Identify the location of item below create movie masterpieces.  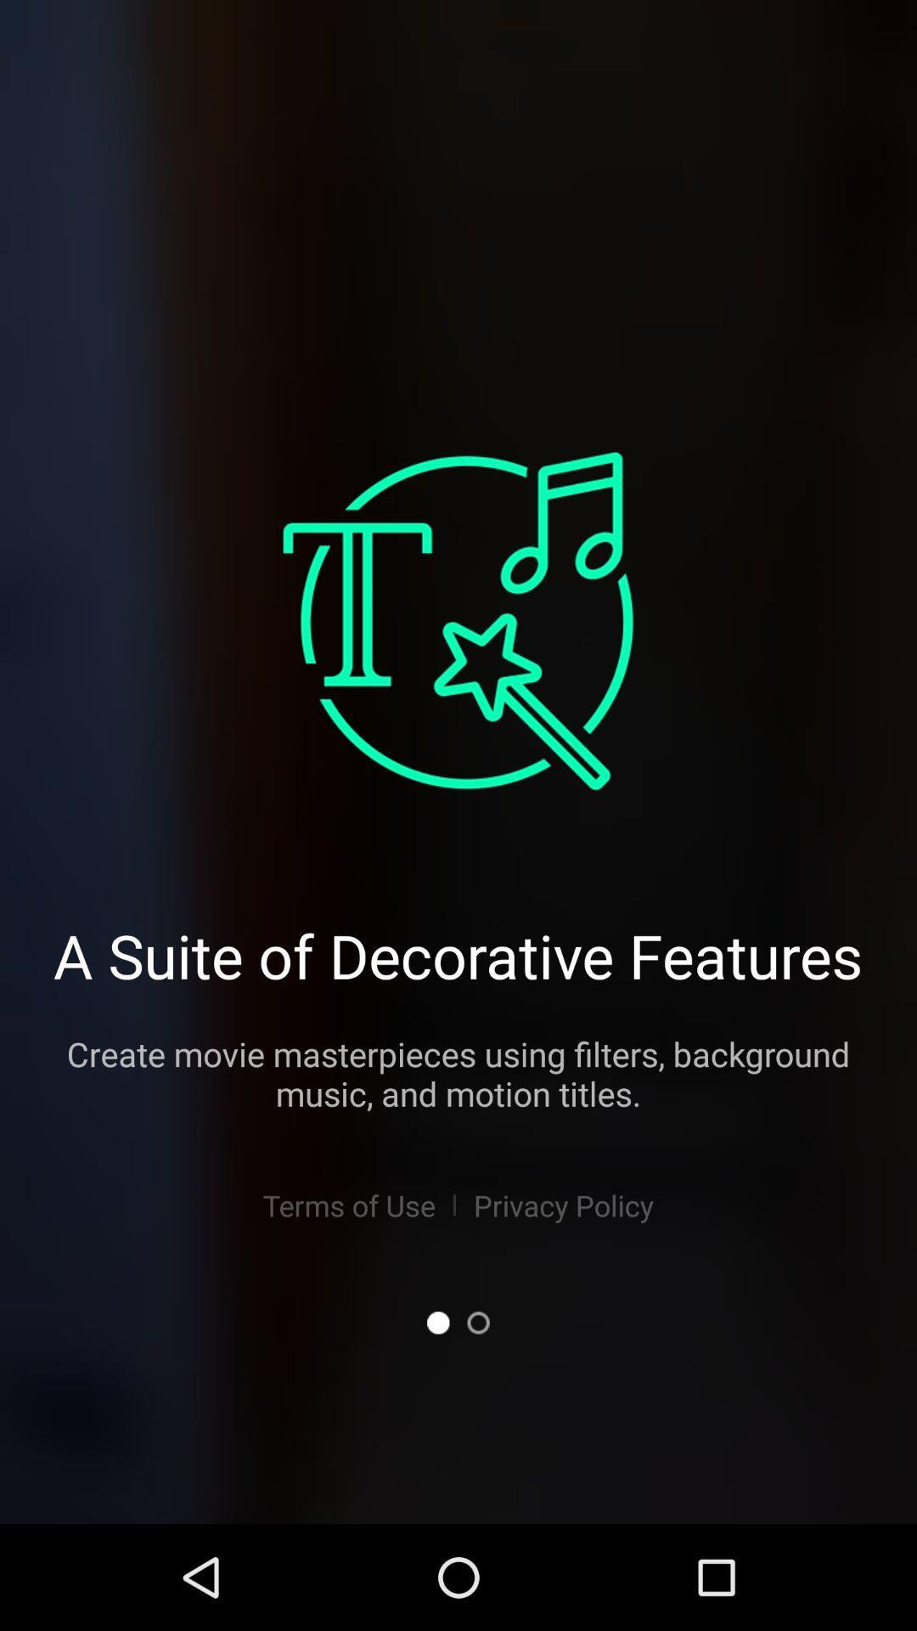
(564, 1205).